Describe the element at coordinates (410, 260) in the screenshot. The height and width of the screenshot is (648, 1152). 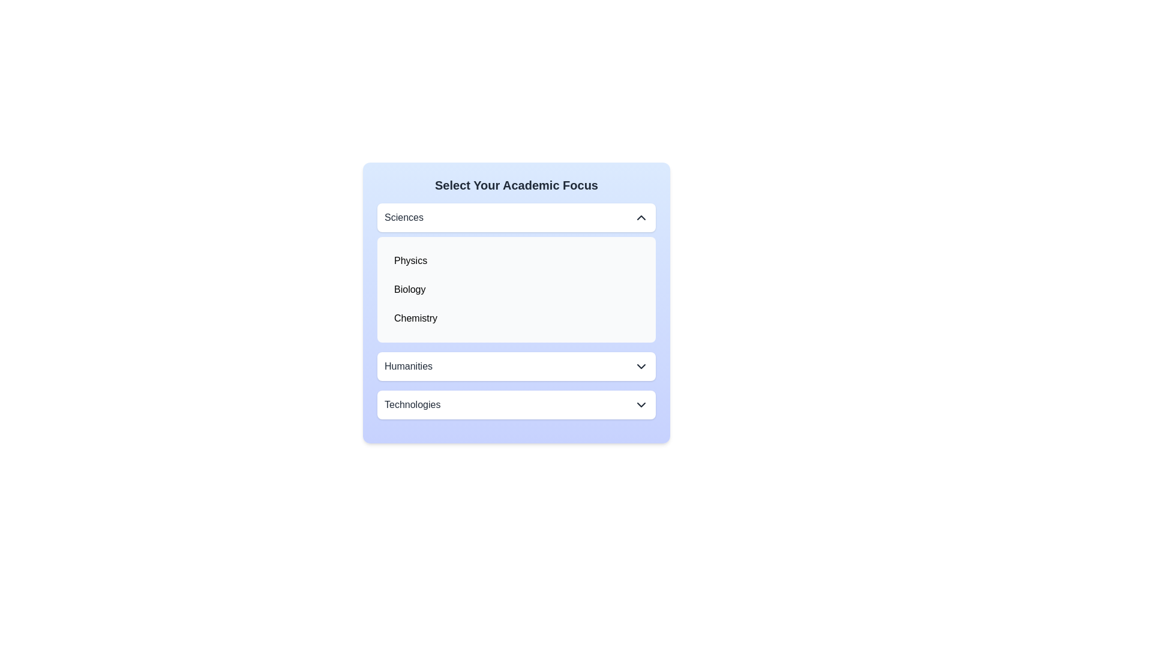
I see `the first option in the dropdown list under the 'Sciences' category` at that location.